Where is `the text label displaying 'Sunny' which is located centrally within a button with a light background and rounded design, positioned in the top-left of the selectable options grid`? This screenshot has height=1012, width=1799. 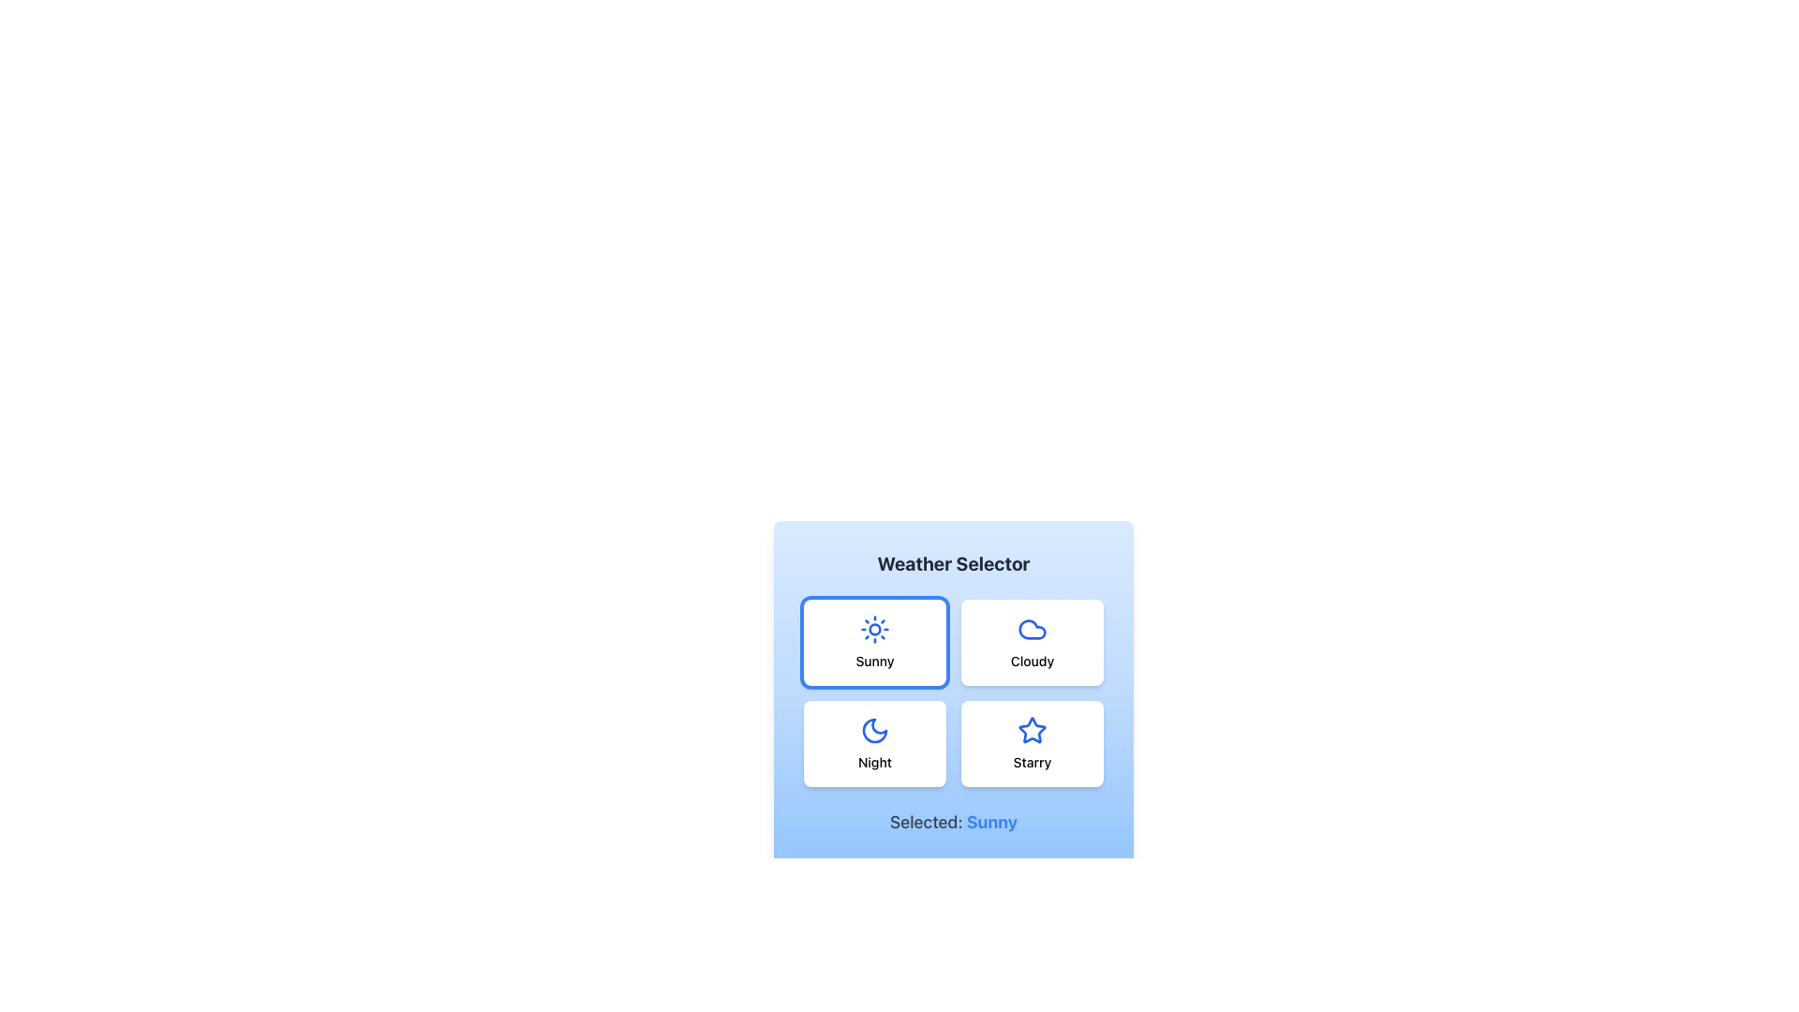 the text label displaying 'Sunny' which is located centrally within a button with a light background and rounded design, positioned in the top-left of the selectable options grid is located at coordinates (874, 660).